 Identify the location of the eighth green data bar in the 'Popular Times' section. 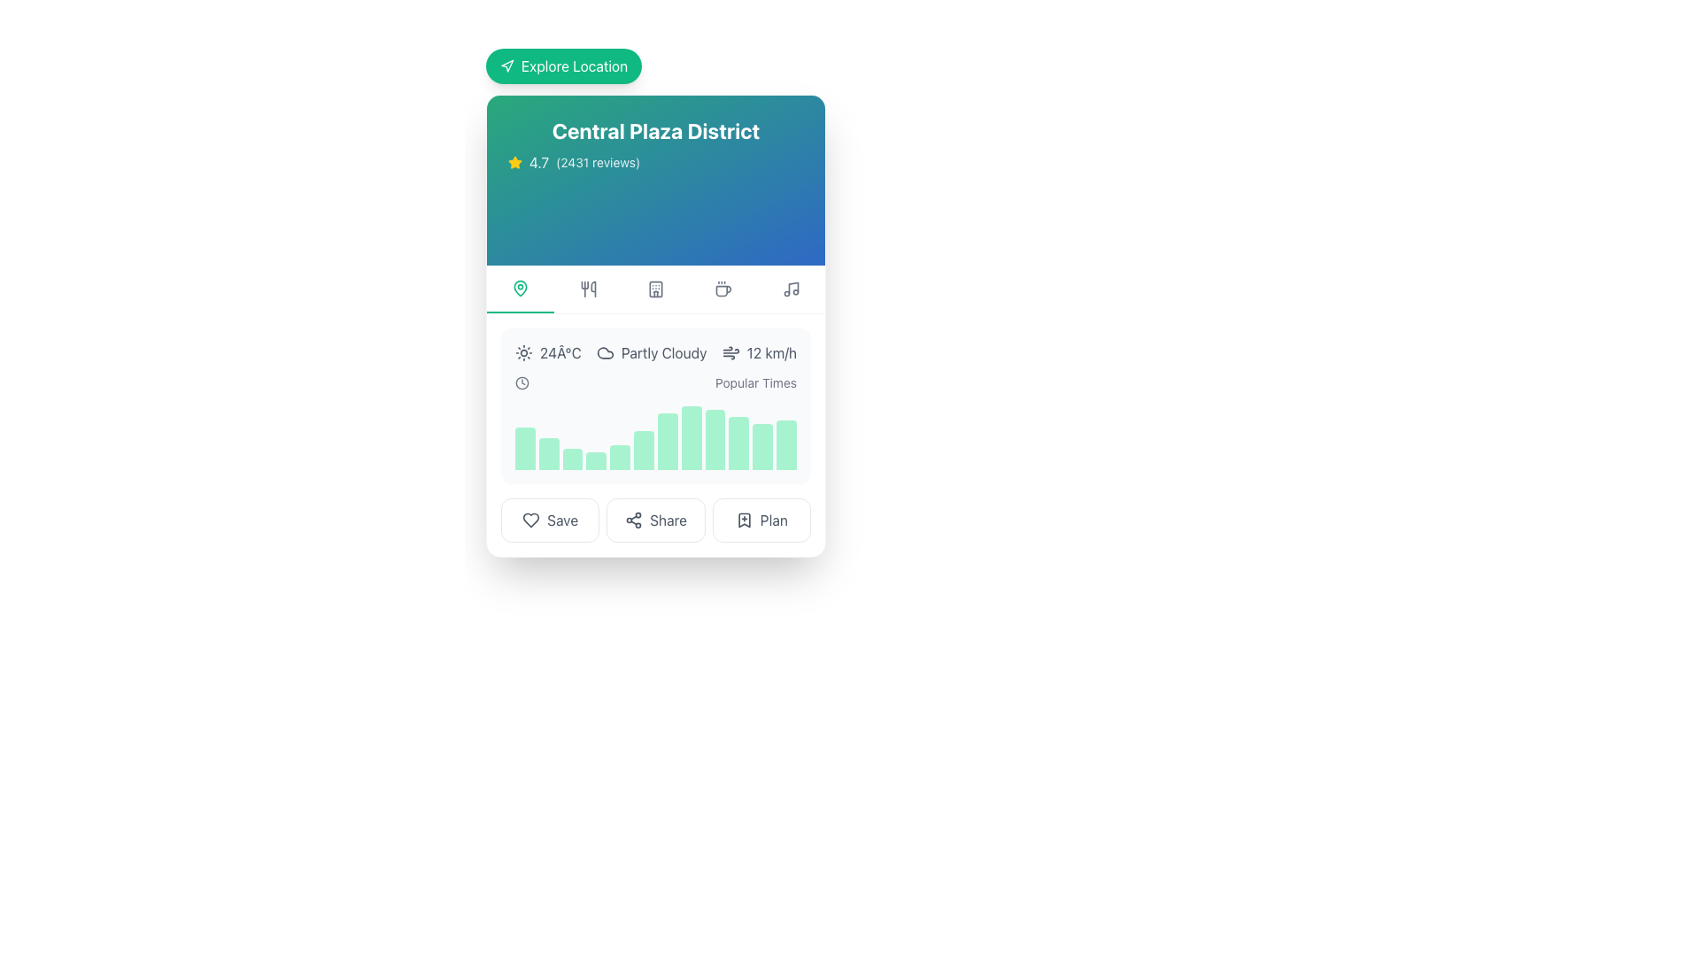
(691, 437).